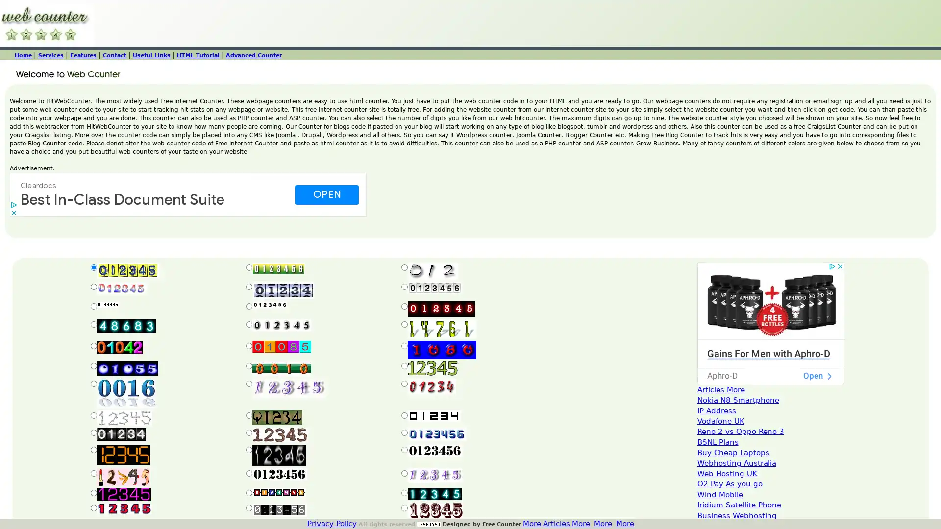 The height and width of the screenshot is (529, 941). I want to click on Submit, so click(434, 494).